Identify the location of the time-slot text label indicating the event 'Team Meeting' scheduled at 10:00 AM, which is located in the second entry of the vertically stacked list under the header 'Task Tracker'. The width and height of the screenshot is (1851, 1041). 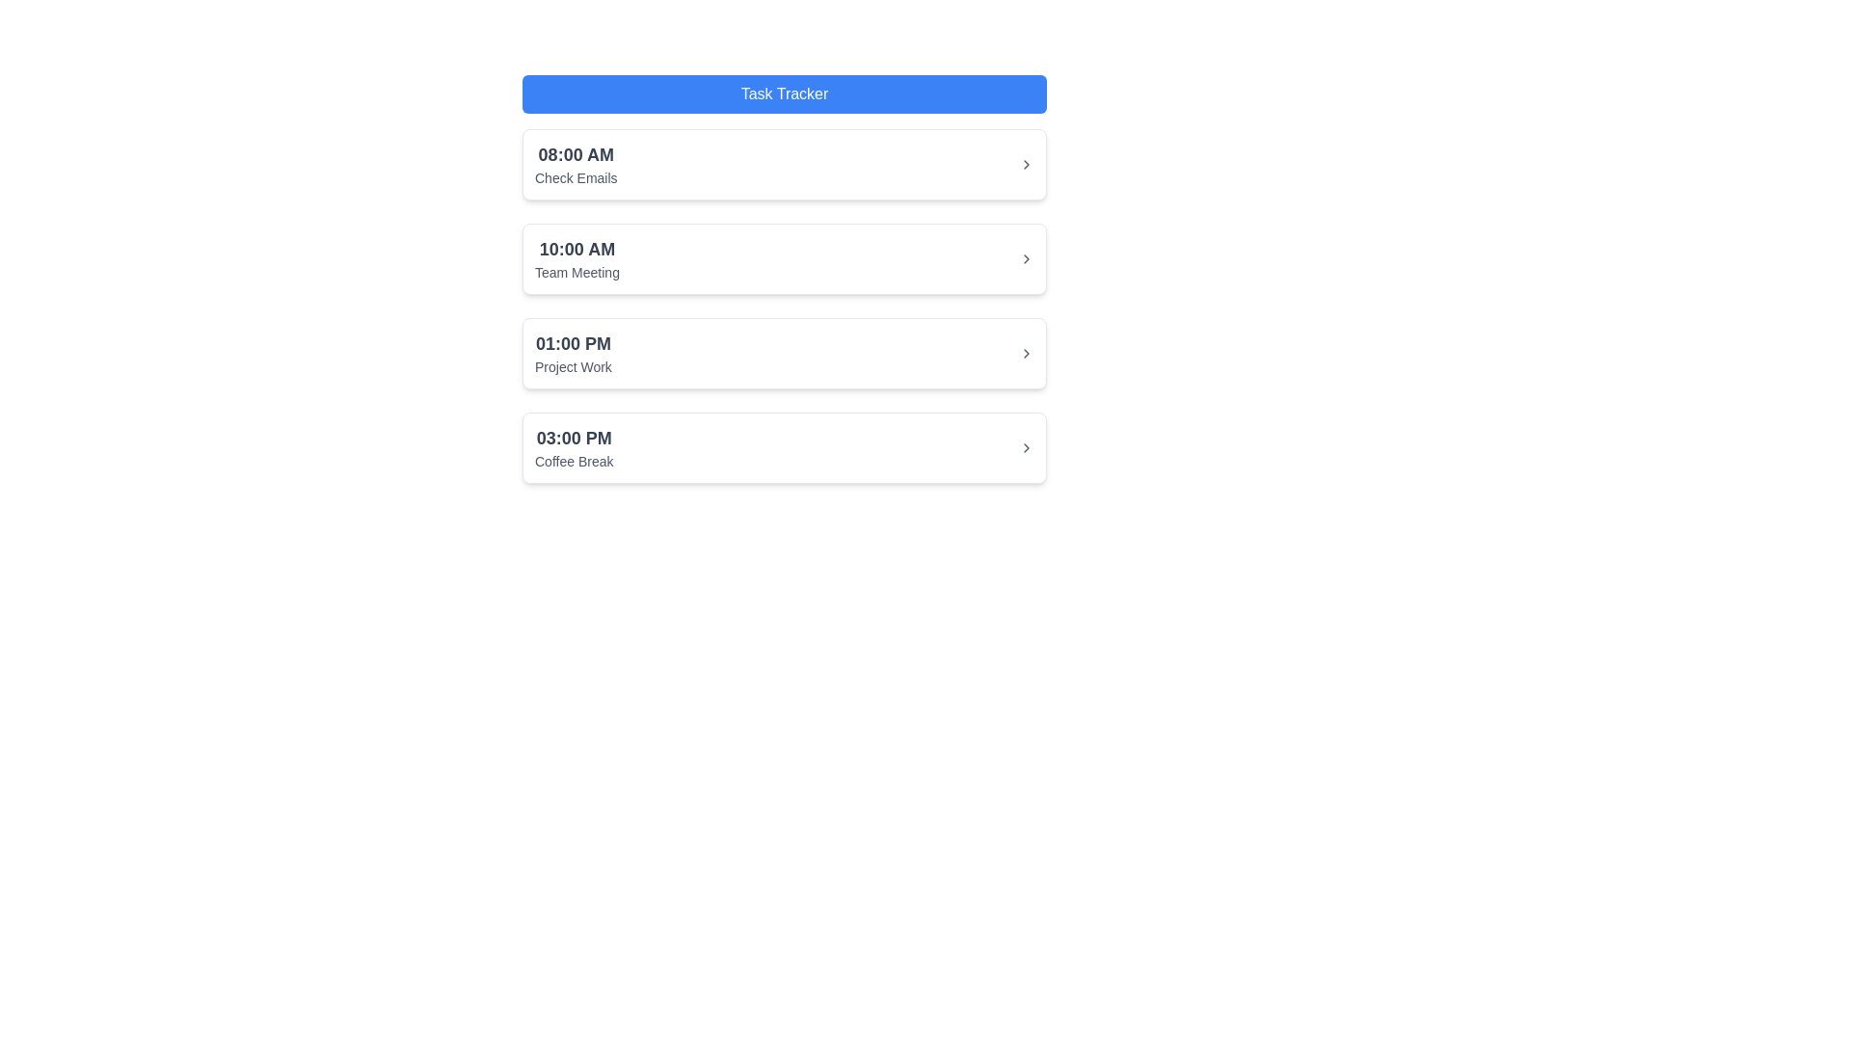
(577, 248).